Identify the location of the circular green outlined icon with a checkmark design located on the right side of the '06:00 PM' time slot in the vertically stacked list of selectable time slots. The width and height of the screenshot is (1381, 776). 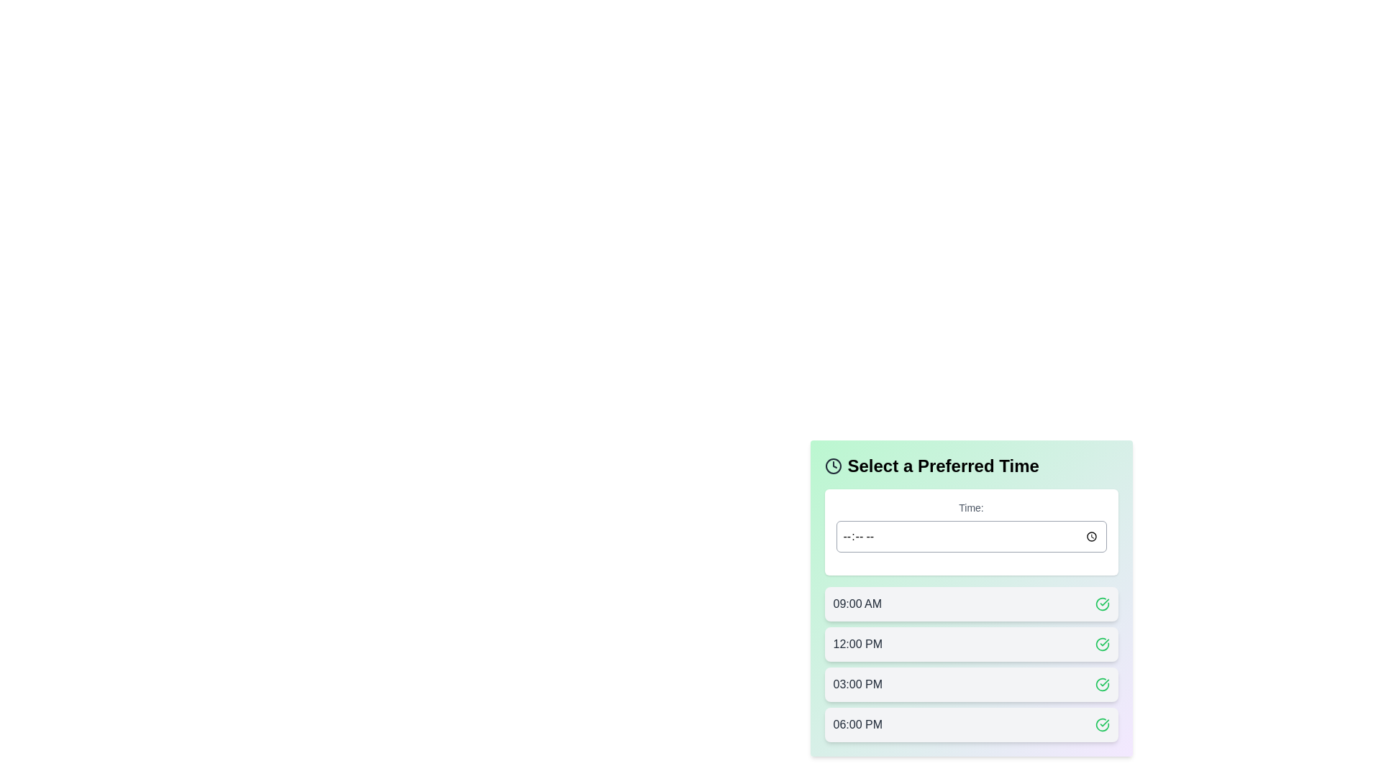
(1101, 604).